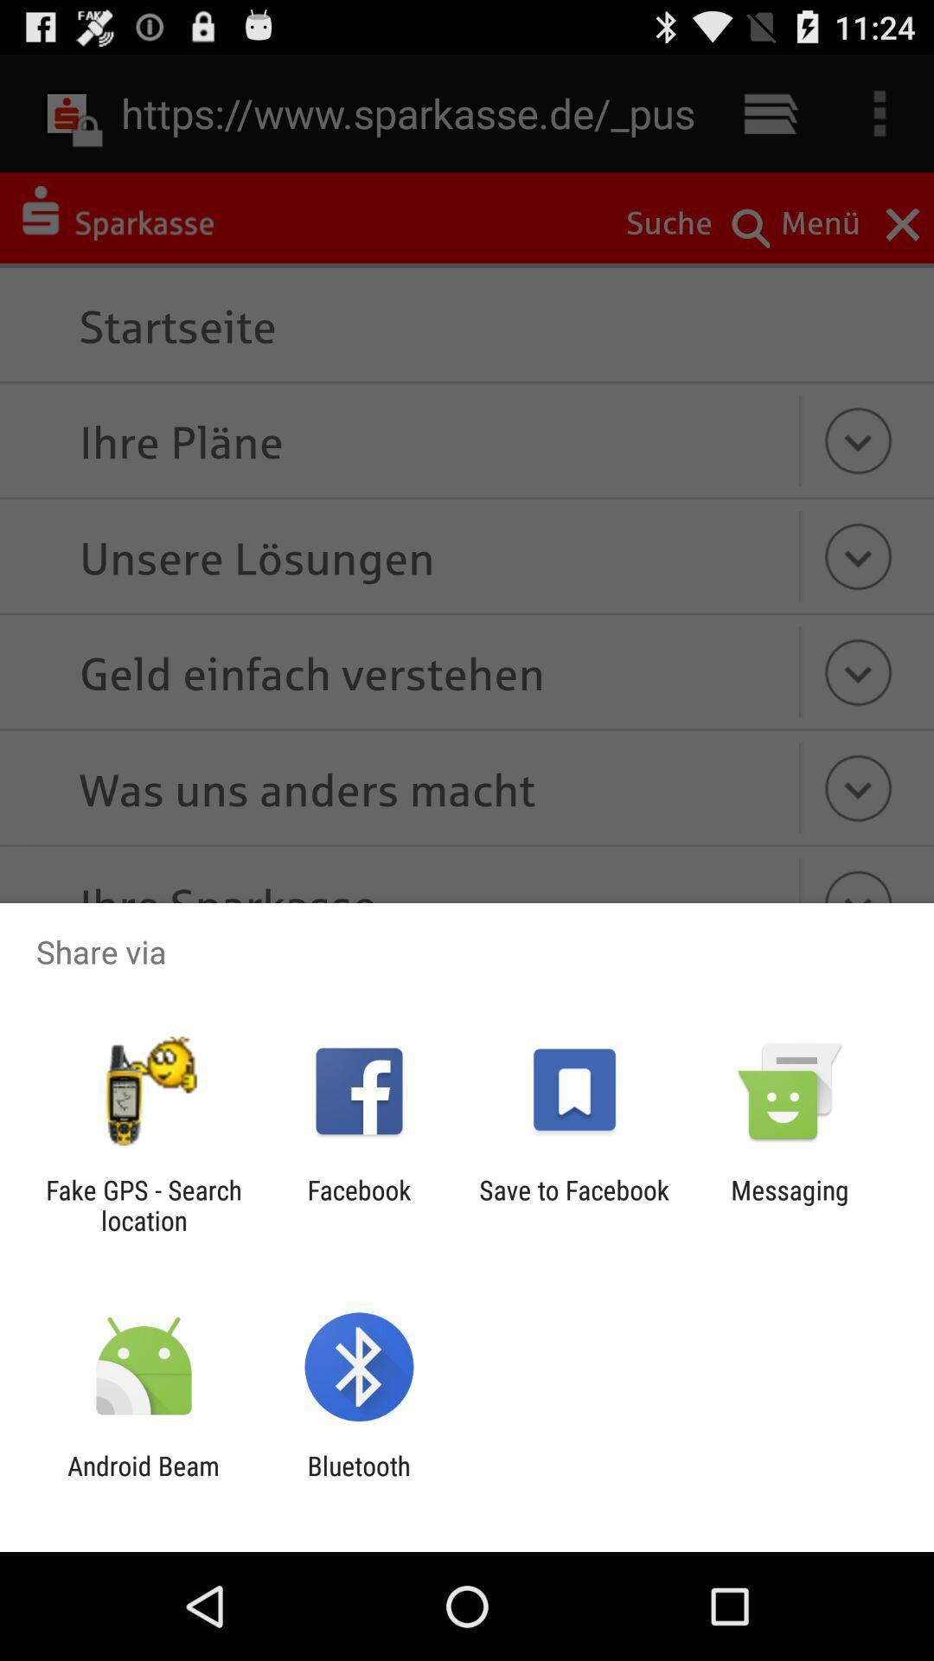  What do you see at coordinates (790, 1204) in the screenshot?
I see `the icon at the bottom right corner` at bounding box center [790, 1204].